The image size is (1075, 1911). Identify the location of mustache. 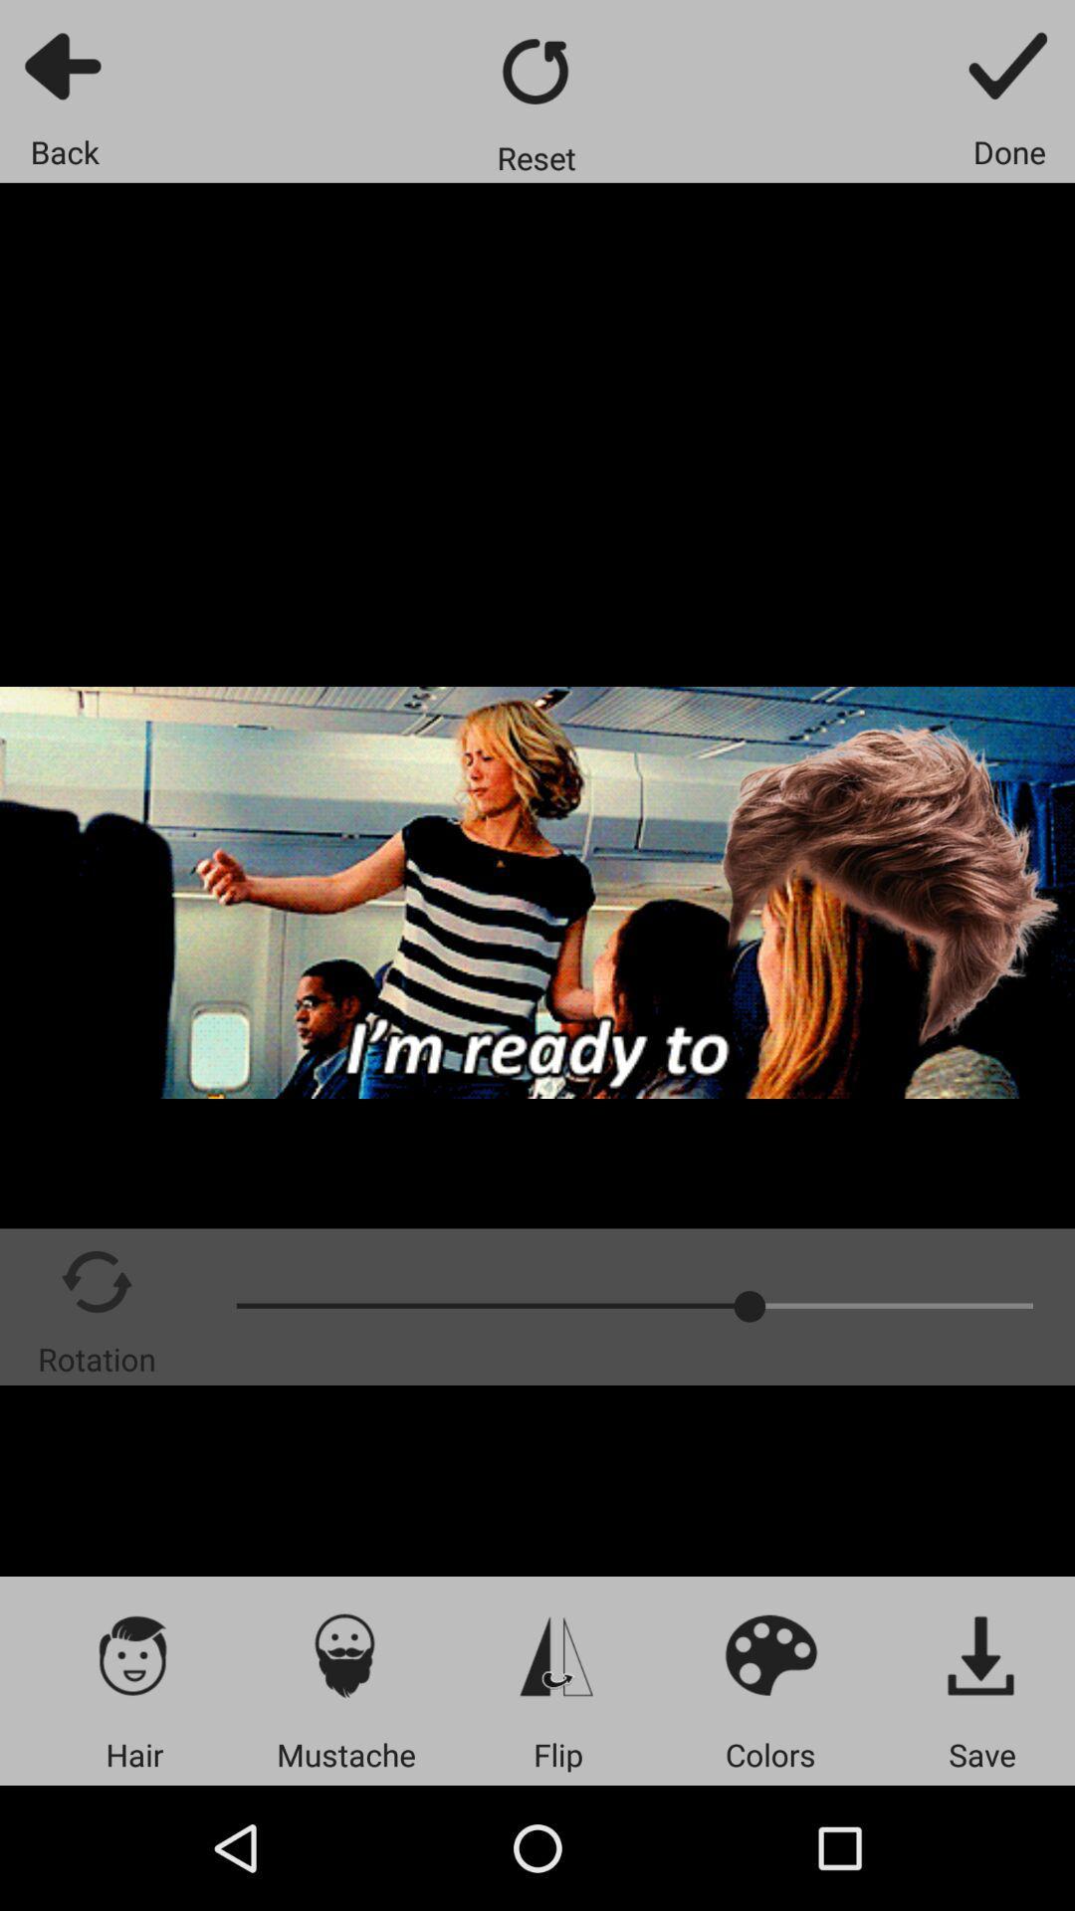
(344, 1654).